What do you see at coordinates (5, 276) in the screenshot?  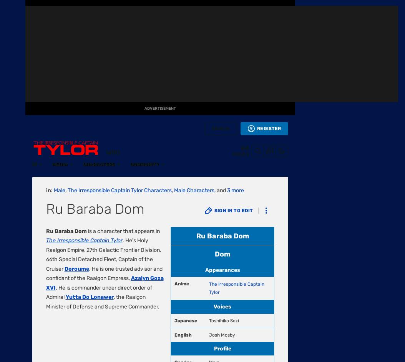 I see `'Start a Wiki'` at bounding box center [5, 276].